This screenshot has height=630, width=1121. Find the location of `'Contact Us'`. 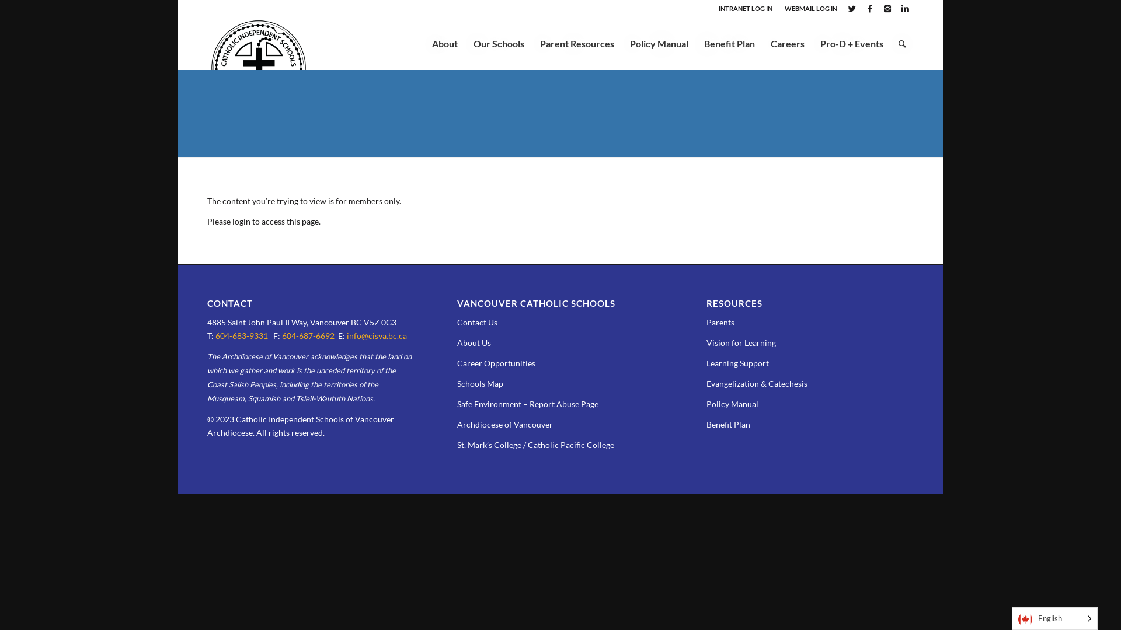

'Contact Us' is located at coordinates (477, 322).